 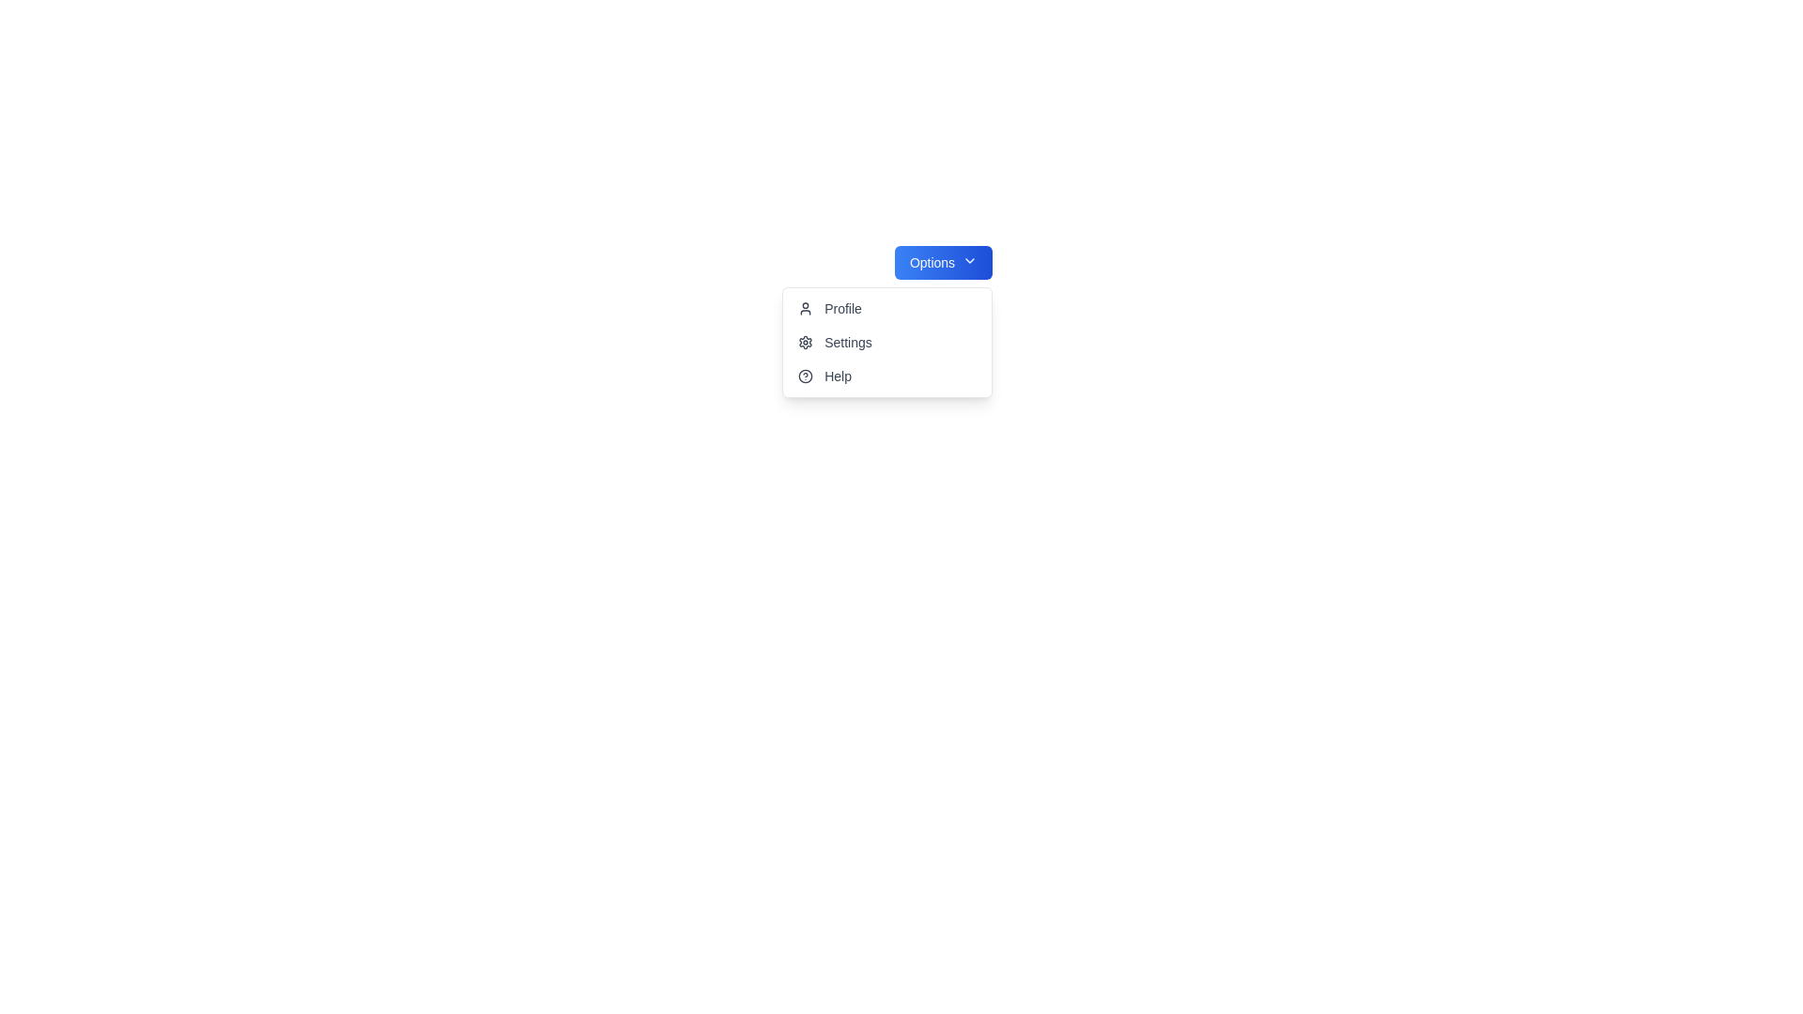 I want to click on the second menu item in the dropdown menu, which leads to the 'Settings' page or modal, so click(x=886, y=343).